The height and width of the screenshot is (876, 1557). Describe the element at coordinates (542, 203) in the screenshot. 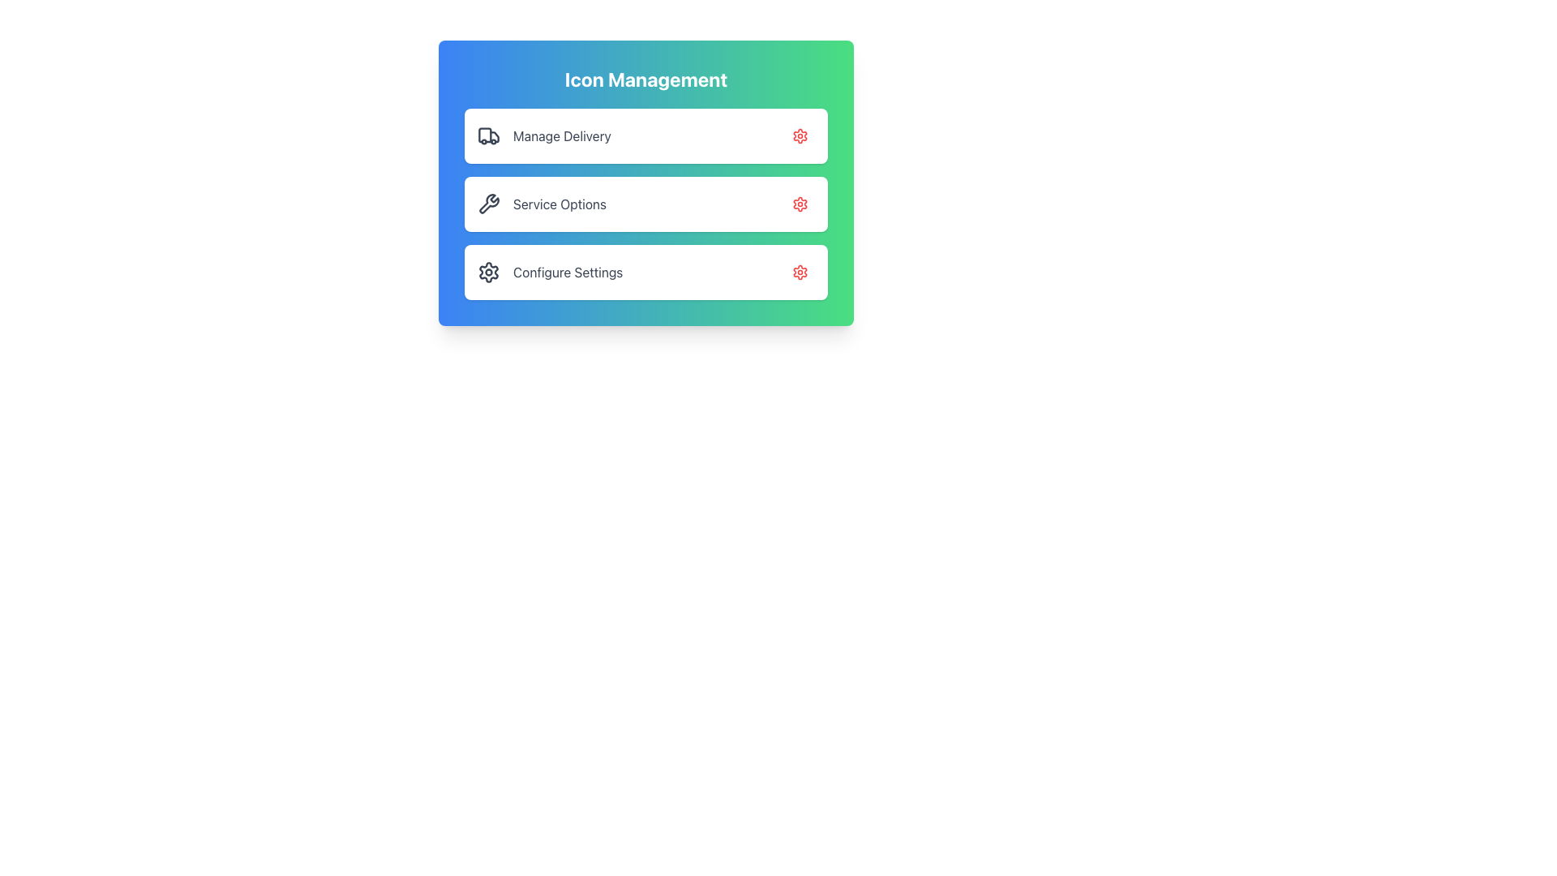

I see `the 'Service Options' label next to the wrench icon, which is the second item in the vertically stacked options inside the rectangular card` at that location.